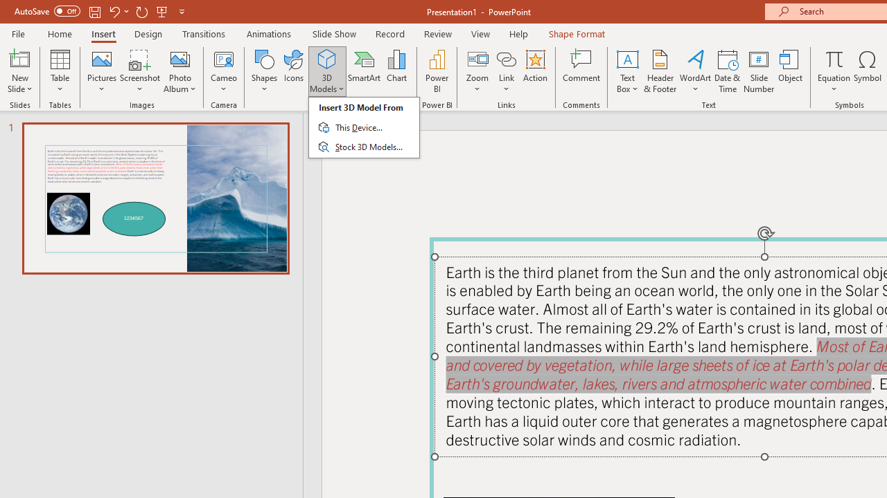 The height and width of the screenshot is (498, 887). What do you see at coordinates (179, 71) in the screenshot?
I see `'Photo Album...'` at bounding box center [179, 71].